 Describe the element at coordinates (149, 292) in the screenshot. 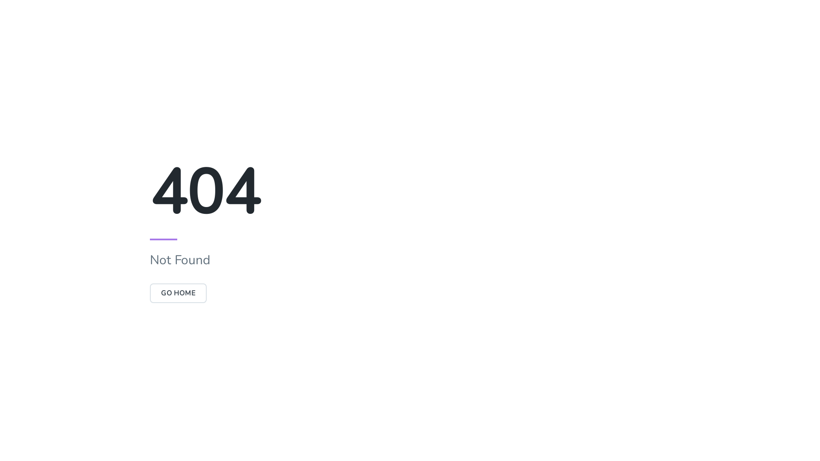

I see `'GO HOME'` at that location.